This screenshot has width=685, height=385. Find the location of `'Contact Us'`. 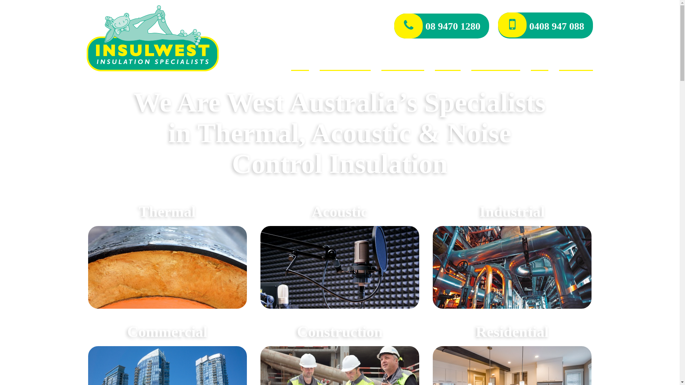

'Contact Us' is located at coordinates (576, 63).